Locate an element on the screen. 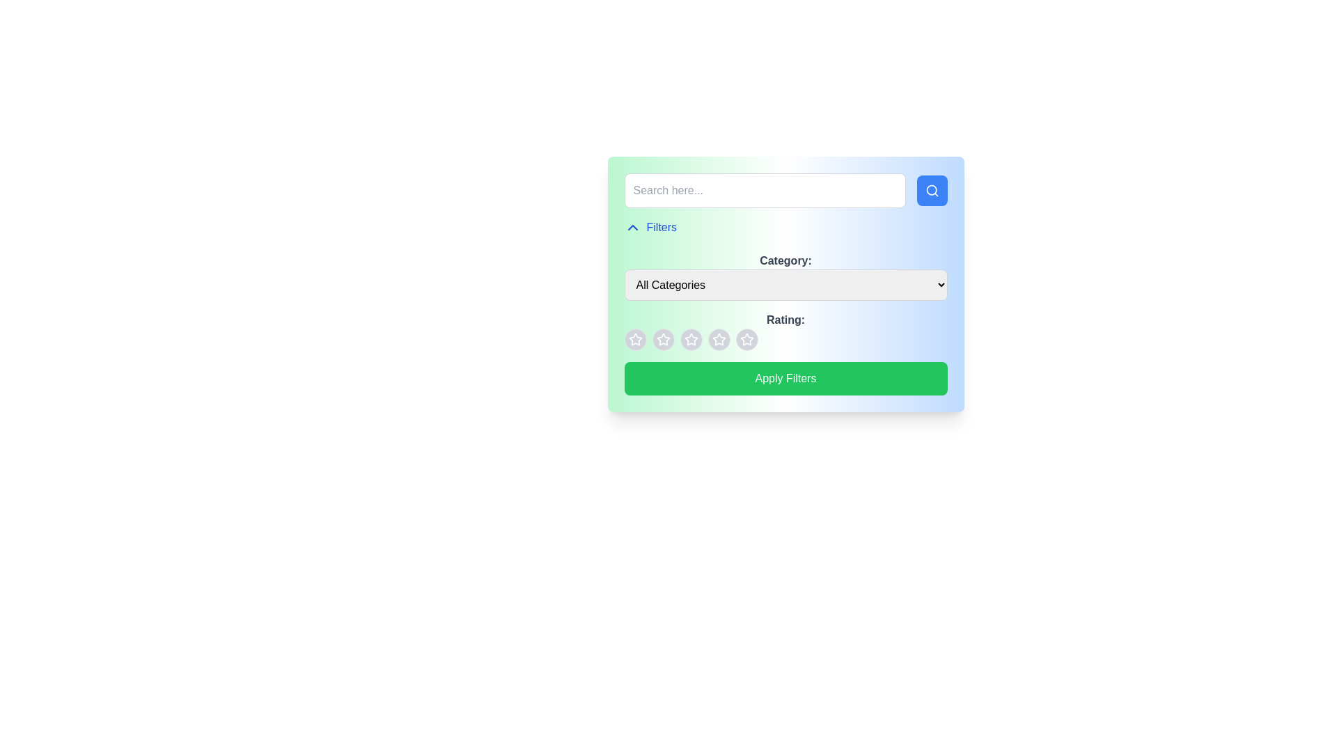 This screenshot has width=1337, height=752. the magnifying glass-shaped icon within the blue rounded rectangular button at the top-right corner of the search interface to initiate a search is located at coordinates (932, 190).